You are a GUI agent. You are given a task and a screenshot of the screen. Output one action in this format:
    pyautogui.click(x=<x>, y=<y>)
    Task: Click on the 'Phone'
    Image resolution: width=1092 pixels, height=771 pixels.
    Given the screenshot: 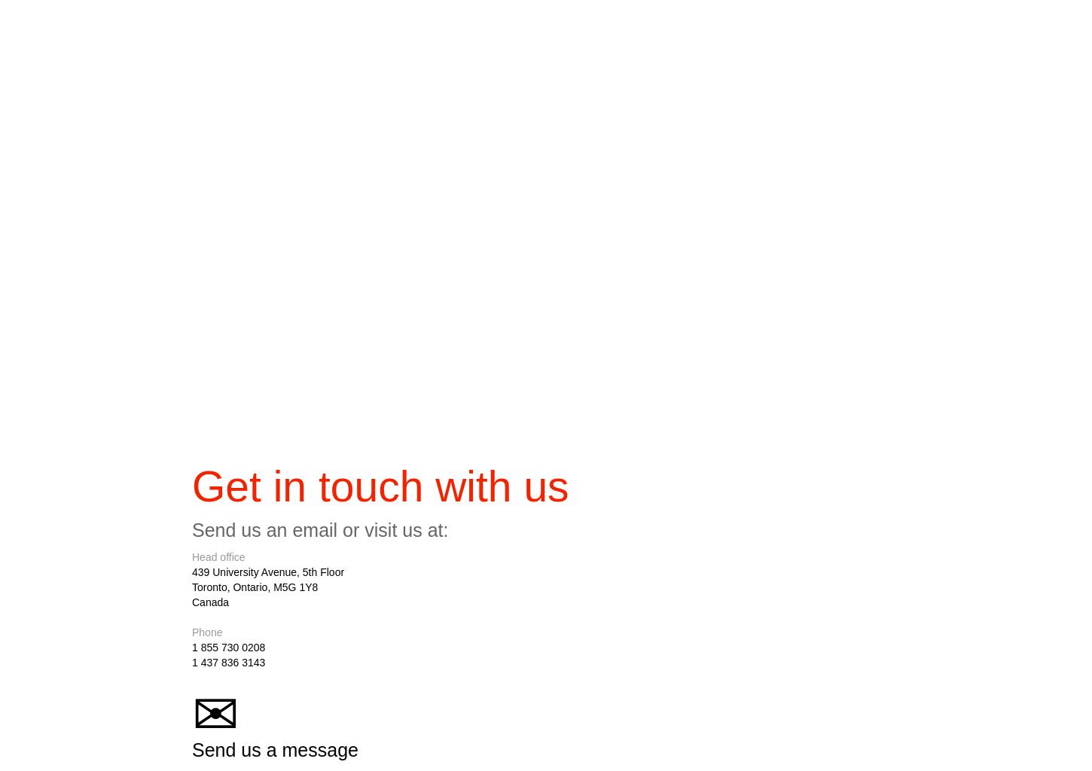 What is the action you would take?
    pyautogui.click(x=207, y=635)
    